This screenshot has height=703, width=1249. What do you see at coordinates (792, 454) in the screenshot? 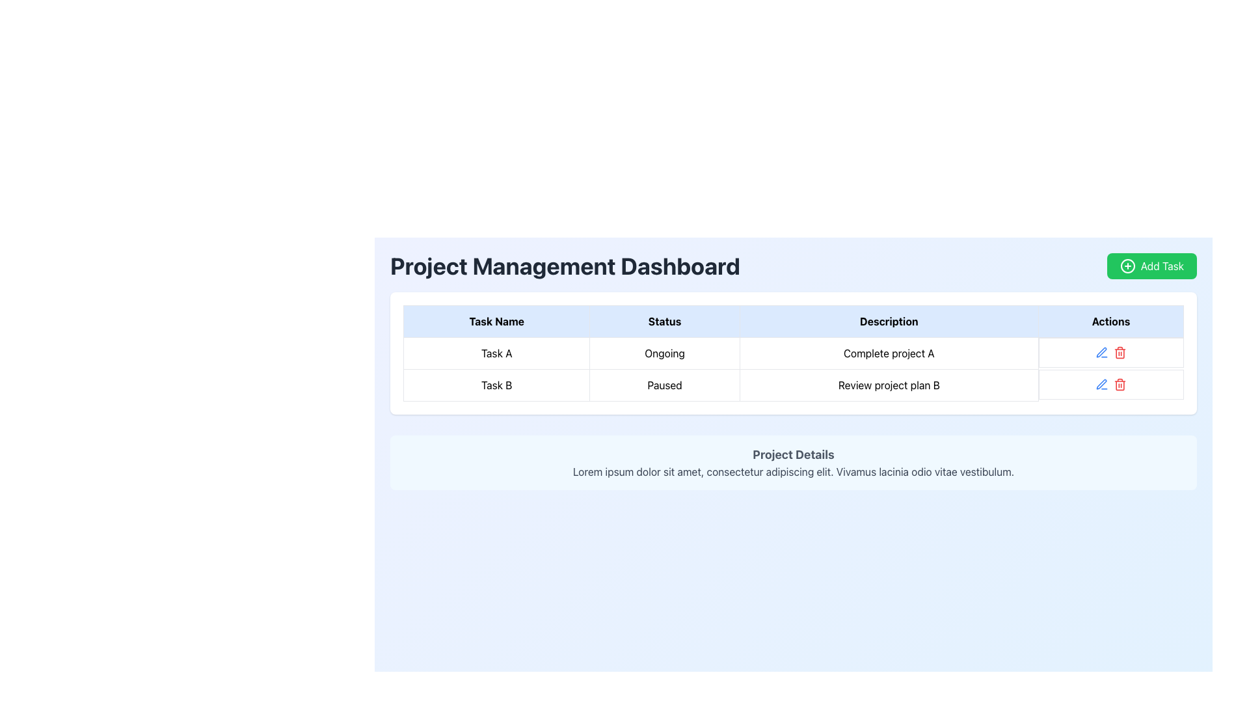
I see `text label displaying 'Project Details', which is styled in bold and dark gray, positioned at the top of a light blue box` at bounding box center [792, 454].